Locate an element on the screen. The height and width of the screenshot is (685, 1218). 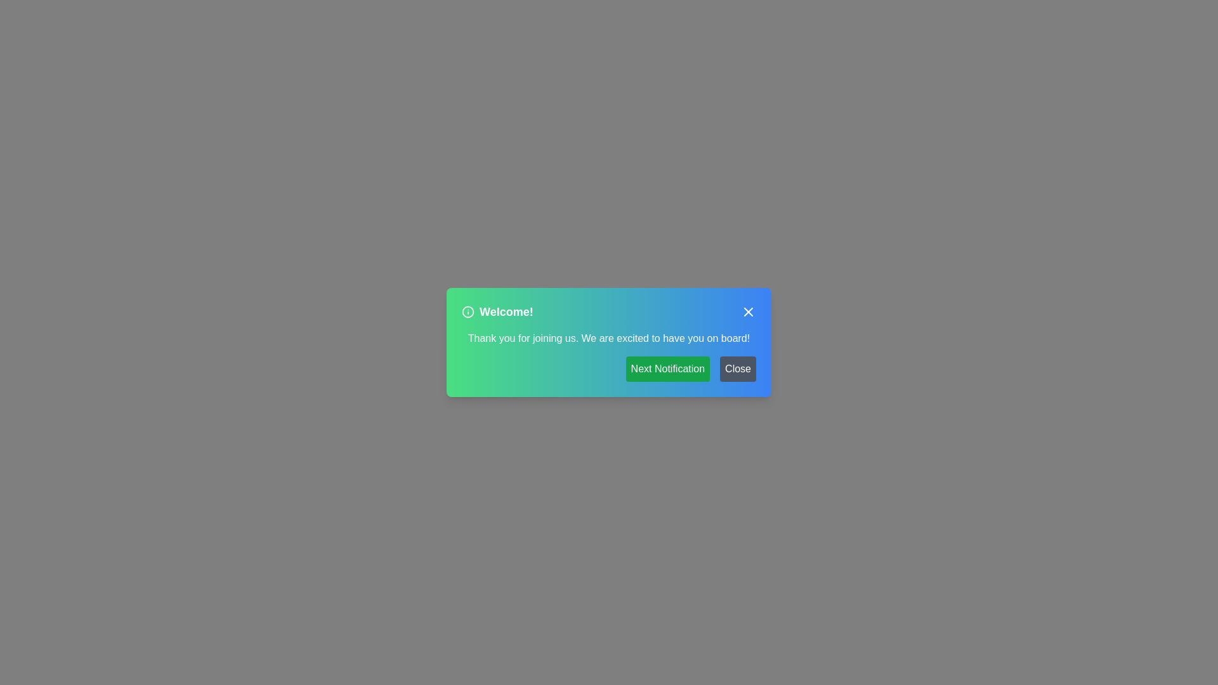
the 'Close' button to close the dialog is located at coordinates (738, 369).